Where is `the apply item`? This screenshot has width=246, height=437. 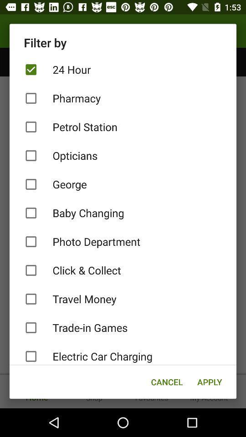
the apply item is located at coordinates (210, 382).